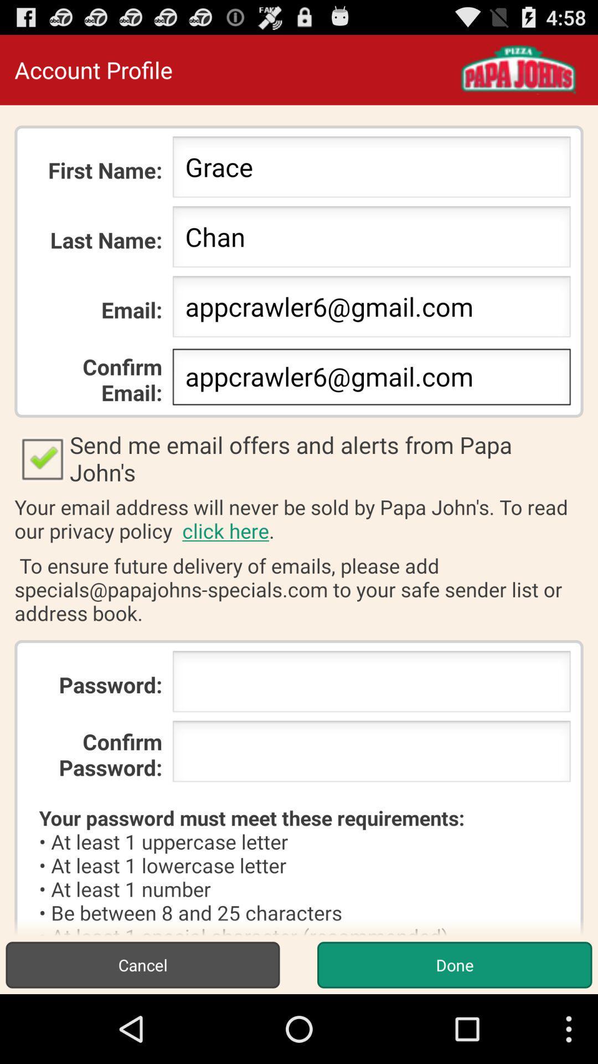 Image resolution: width=598 pixels, height=1064 pixels. I want to click on app above the your email address item, so click(299, 458).